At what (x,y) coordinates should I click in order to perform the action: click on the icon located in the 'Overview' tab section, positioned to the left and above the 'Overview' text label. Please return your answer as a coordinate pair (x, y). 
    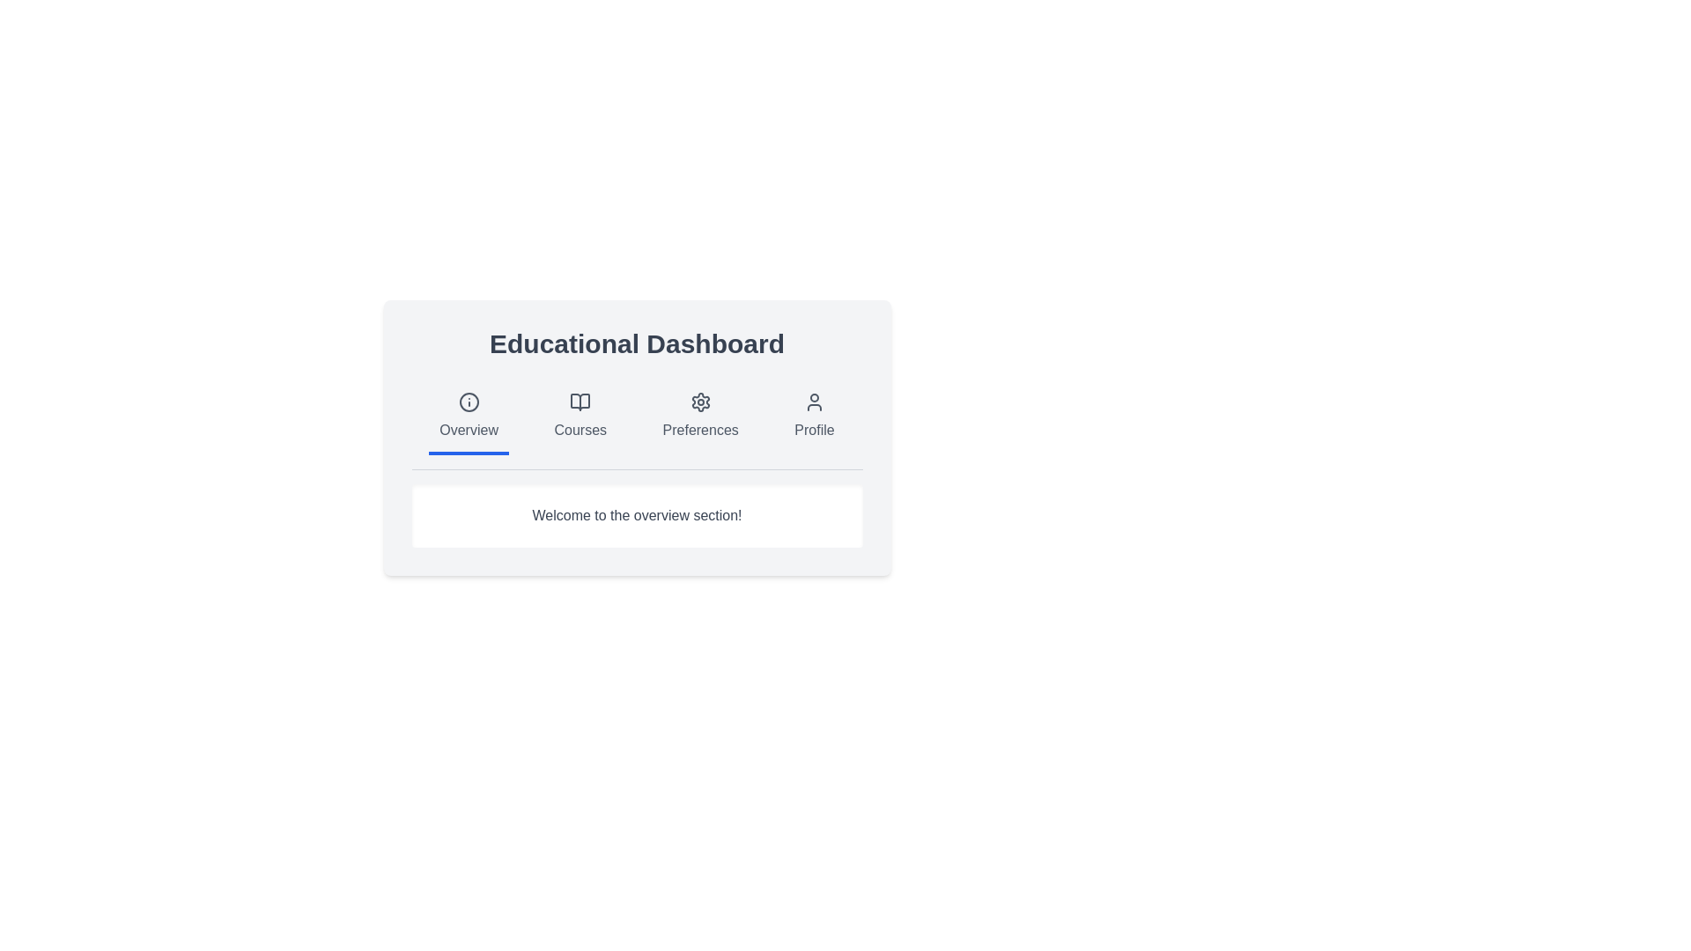
    Looking at the image, I should click on (469, 402).